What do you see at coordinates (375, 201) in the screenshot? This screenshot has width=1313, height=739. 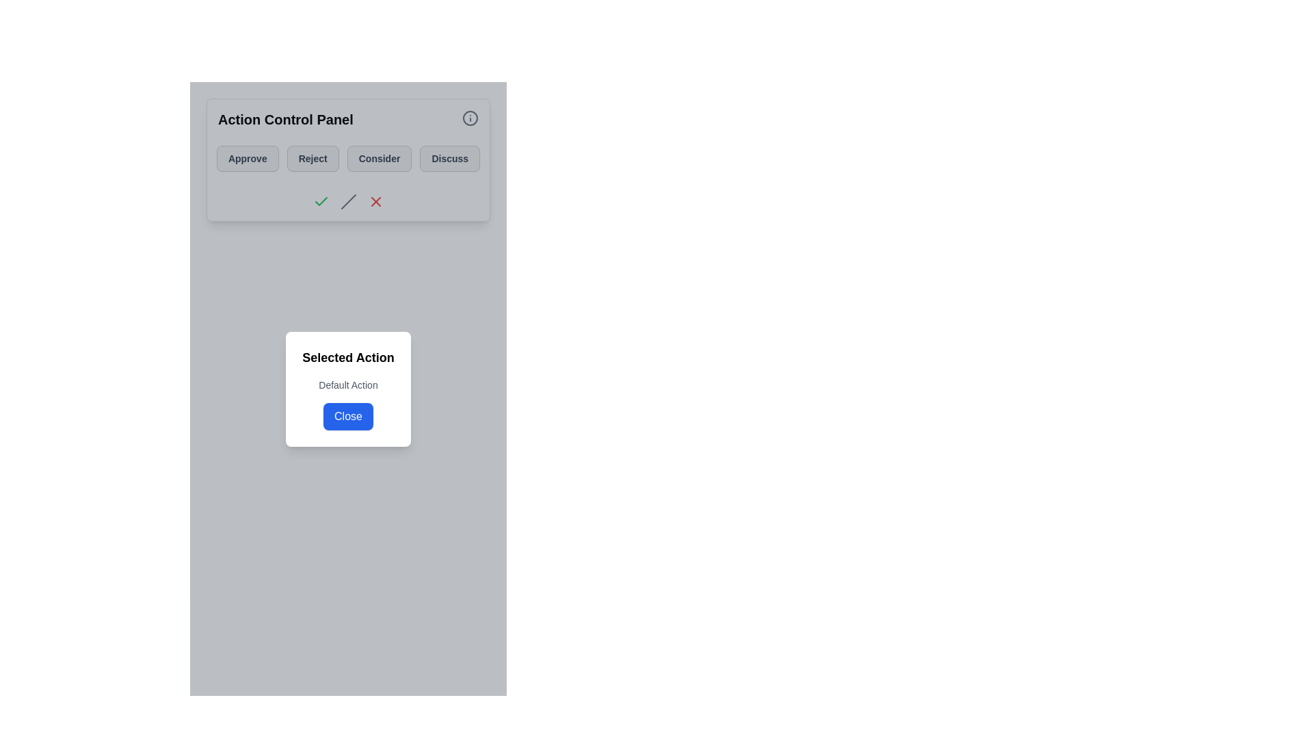 I see `the reject or delete icon located in the bottom-right corner of the 'Action Control Panel' box` at bounding box center [375, 201].